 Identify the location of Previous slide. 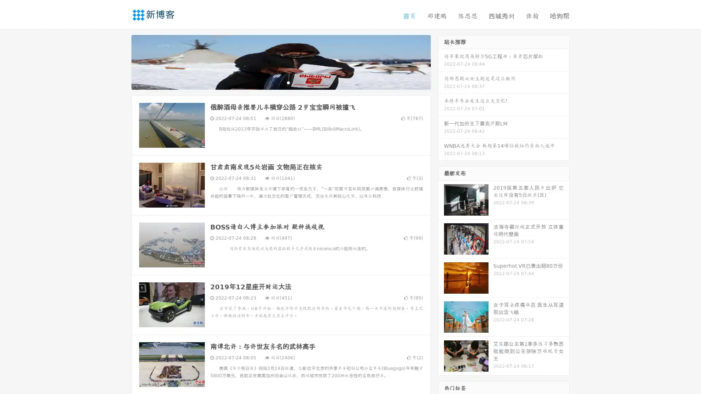
(120, 61).